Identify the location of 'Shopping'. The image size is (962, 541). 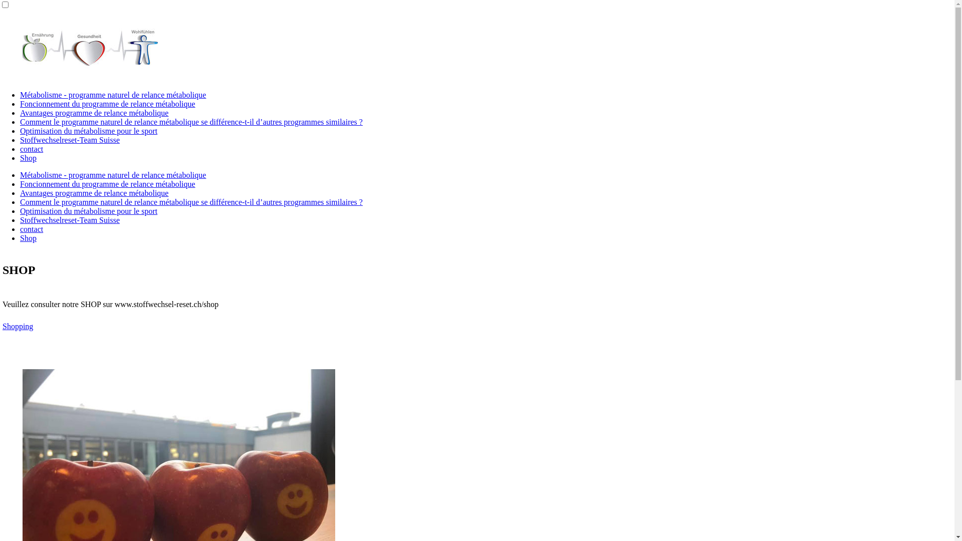
(18, 326).